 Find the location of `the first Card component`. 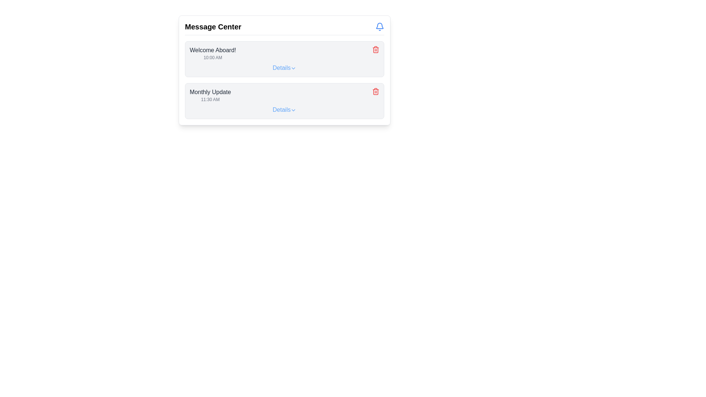

the first Card component is located at coordinates (284, 53).